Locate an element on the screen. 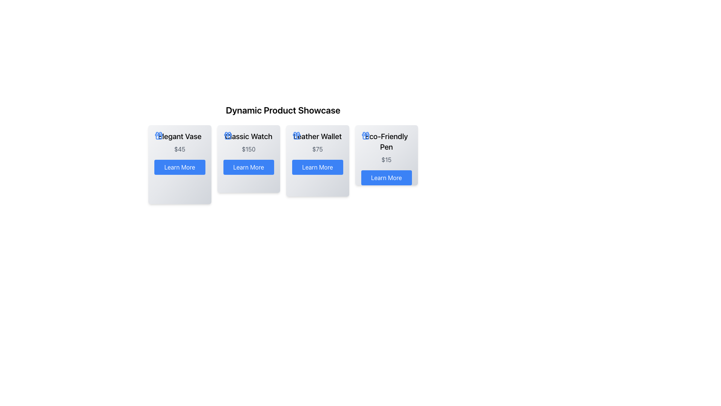  the button located at the bottom of the 'Elegant Vase $45' card is located at coordinates (179, 167).